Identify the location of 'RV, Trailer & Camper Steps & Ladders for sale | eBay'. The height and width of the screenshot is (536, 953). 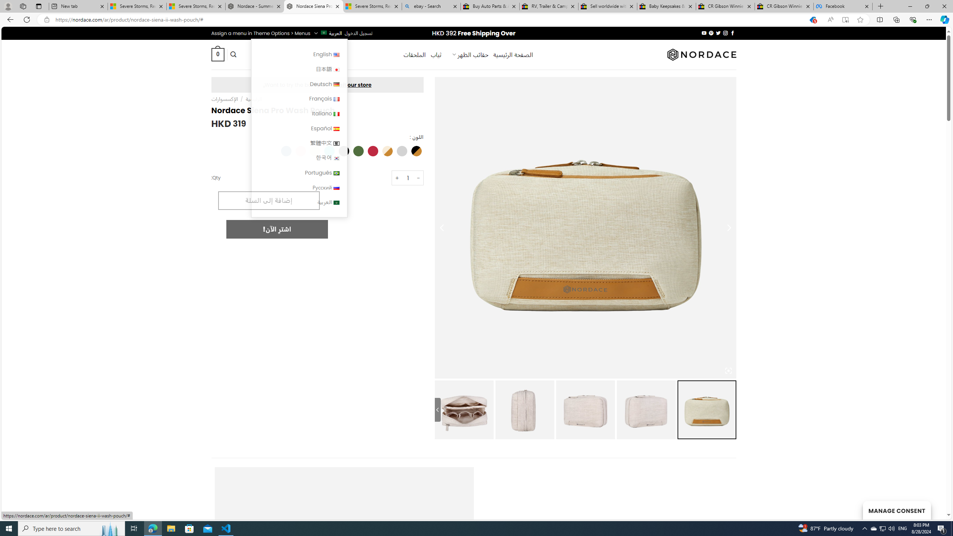
(548, 6).